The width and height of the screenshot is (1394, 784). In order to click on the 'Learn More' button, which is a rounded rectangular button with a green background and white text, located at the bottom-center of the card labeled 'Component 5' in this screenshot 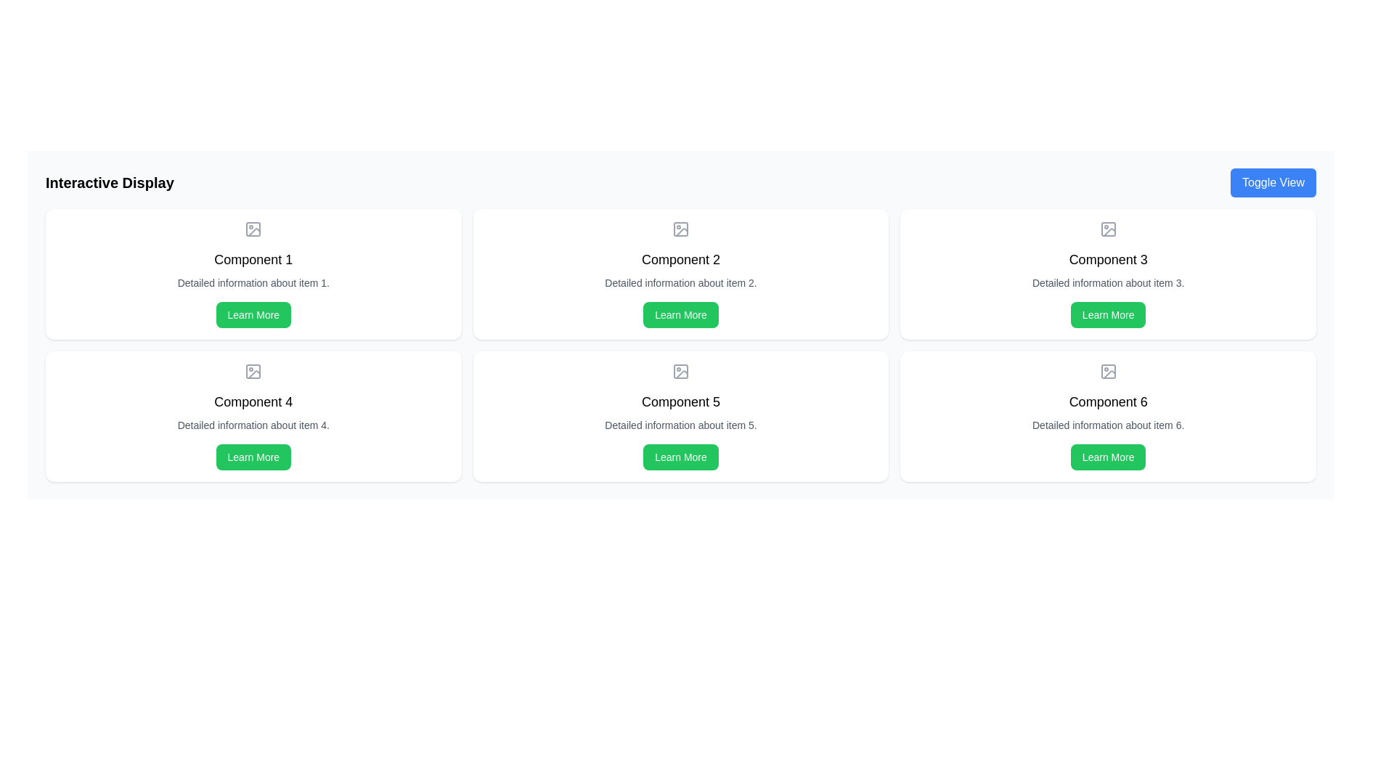, I will do `click(680, 456)`.